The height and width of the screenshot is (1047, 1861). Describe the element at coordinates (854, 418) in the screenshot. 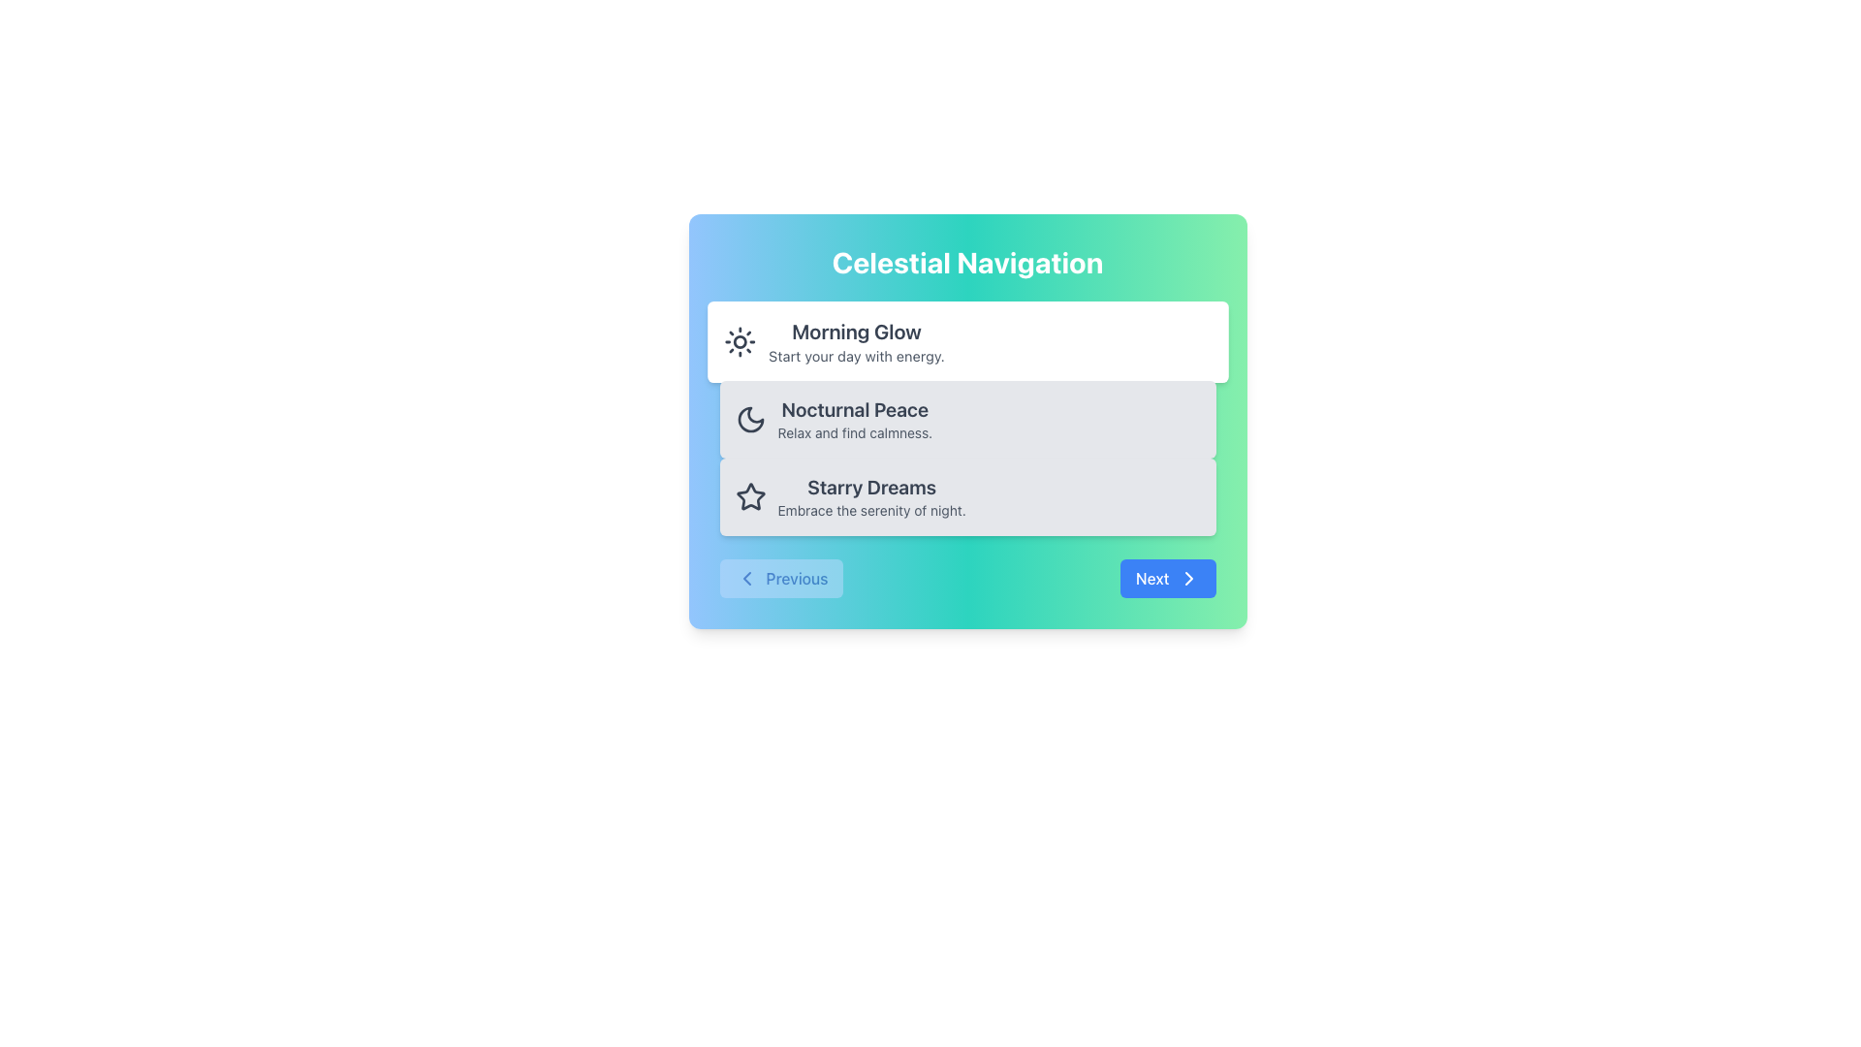

I see `displayed text in the Text Display Component titled 'Nocturnal Peace', which includes the subtitle 'Relax and find calmness.'` at that location.